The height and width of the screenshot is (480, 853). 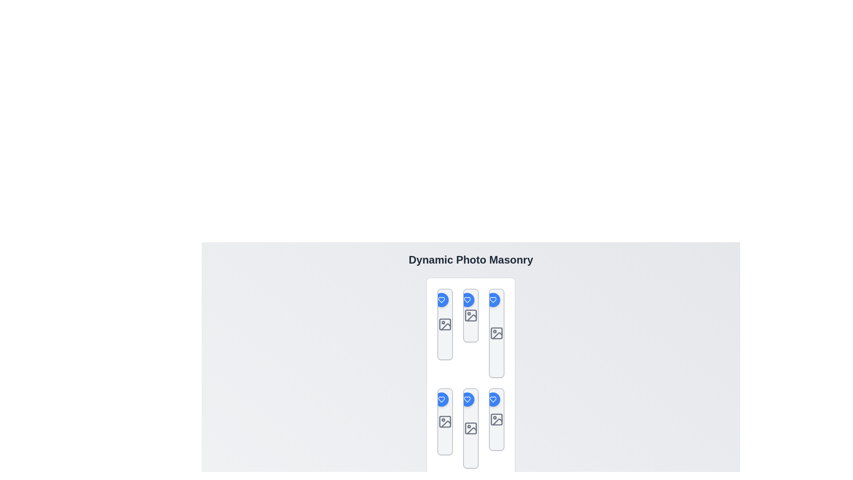 What do you see at coordinates (441, 300) in the screenshot?
I see `the rounded blue button with a white heart-shaped icon and white text located in the top-right corner of the masonry grid layout` at bounding box center [441, 300].